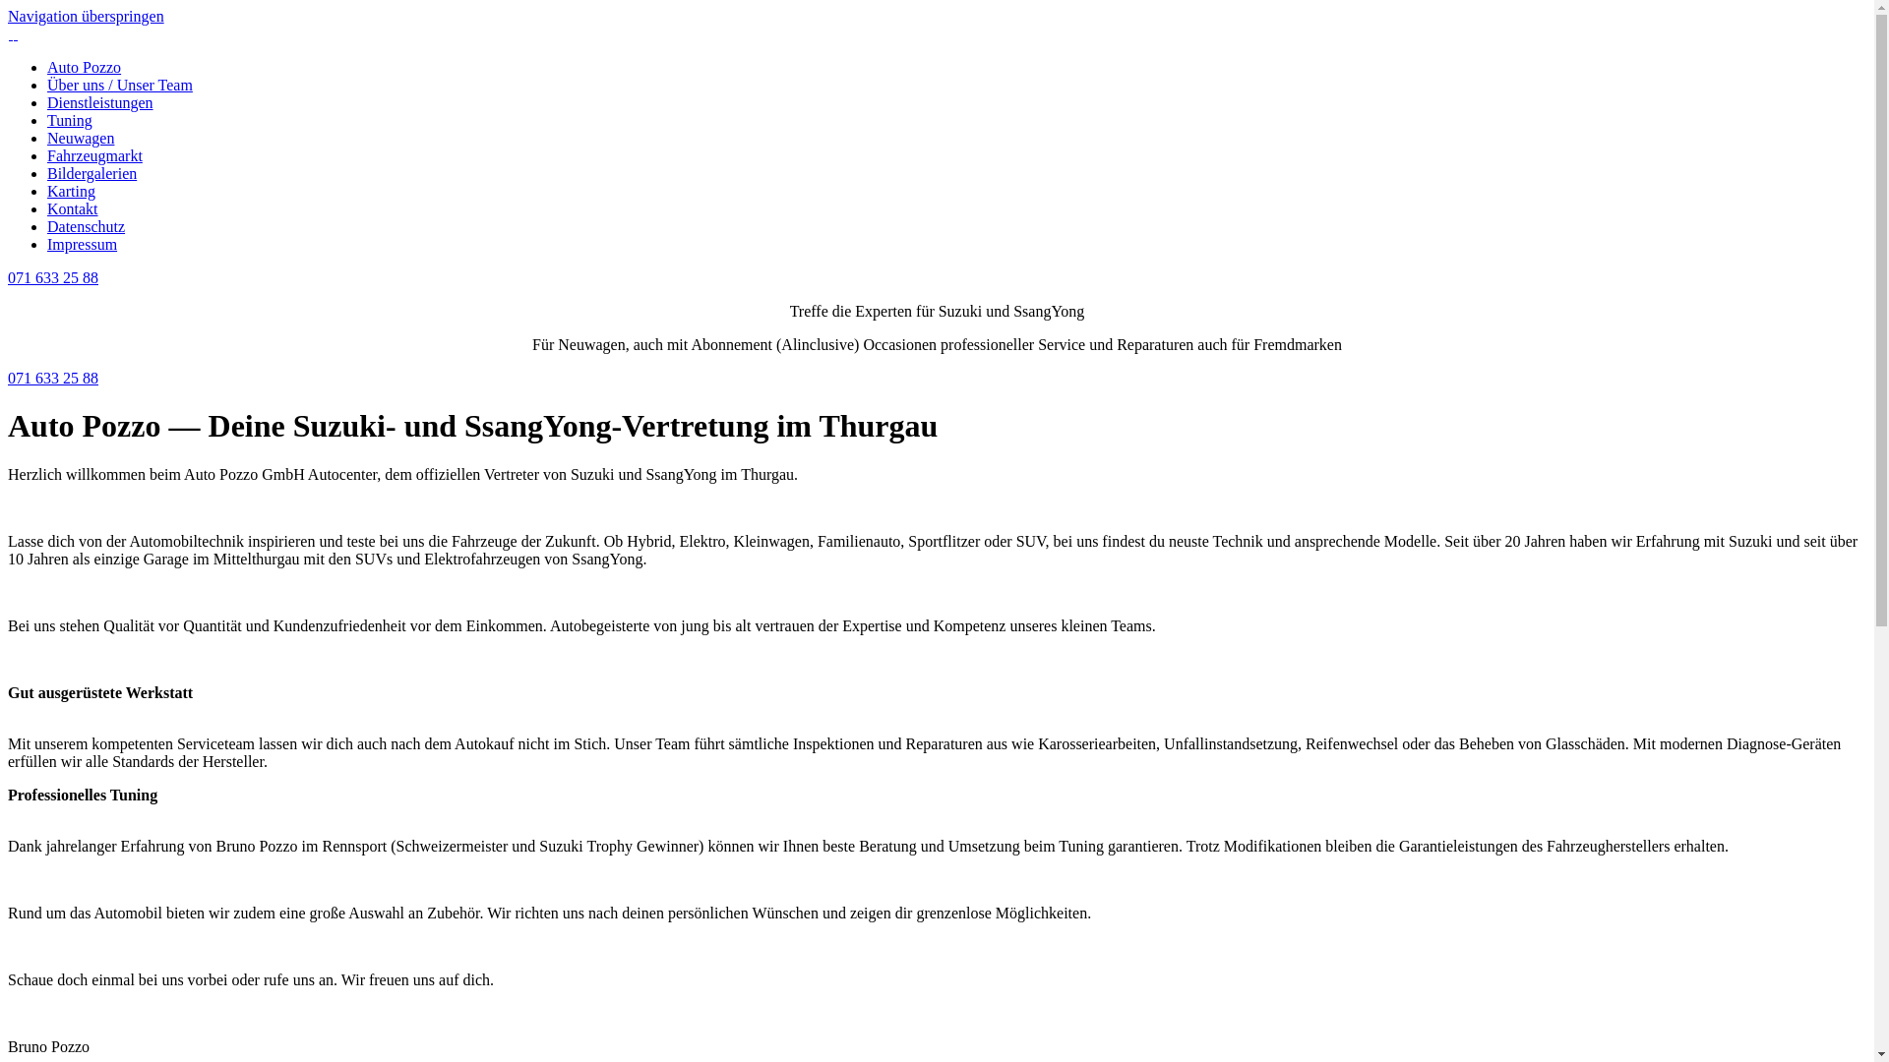 Image resolution: width=1889 pixels, height=1062 pixels. What do you see at coordinates (71, 191) in the screenshot?
I see `'Karting'` at bounding box center [71, 191].